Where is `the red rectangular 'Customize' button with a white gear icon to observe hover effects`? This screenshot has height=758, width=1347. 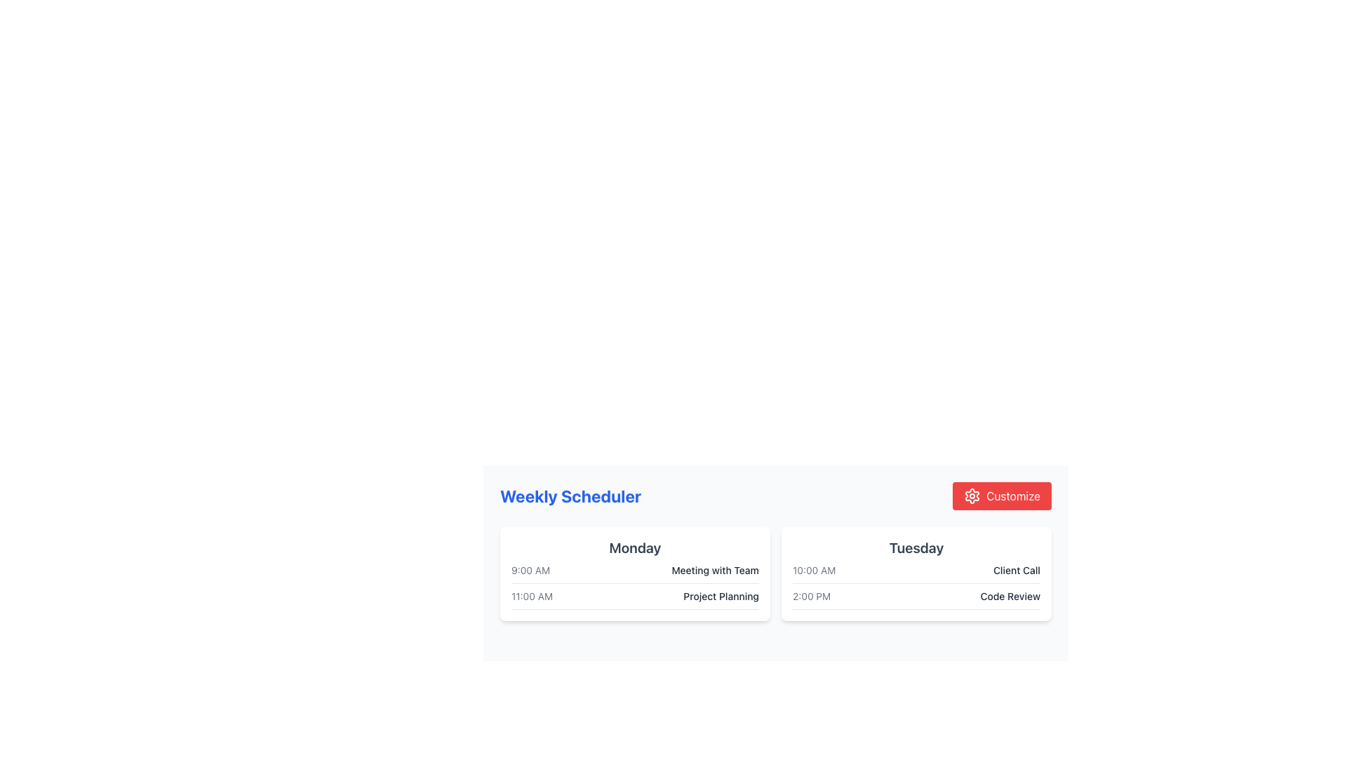 the red rectangular 'Customize' button with a white gear icon to observe hover effects is located at coordinates (1001, 495).